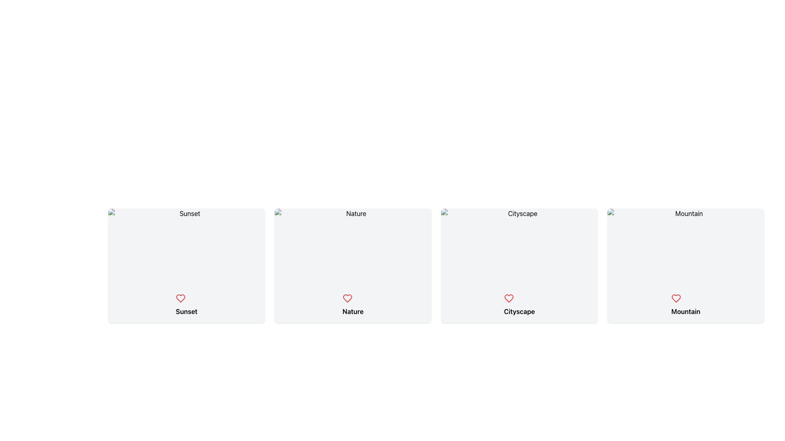 This screenshot has height=441, width=785. What do you see at coordinates (186, 305) in the screenshot?
I see `text content of the Text block with a red heart icon labeled 'Sunset', which is centrally positioned within the first card of a horizontal list` at bounding box center [186, 305].